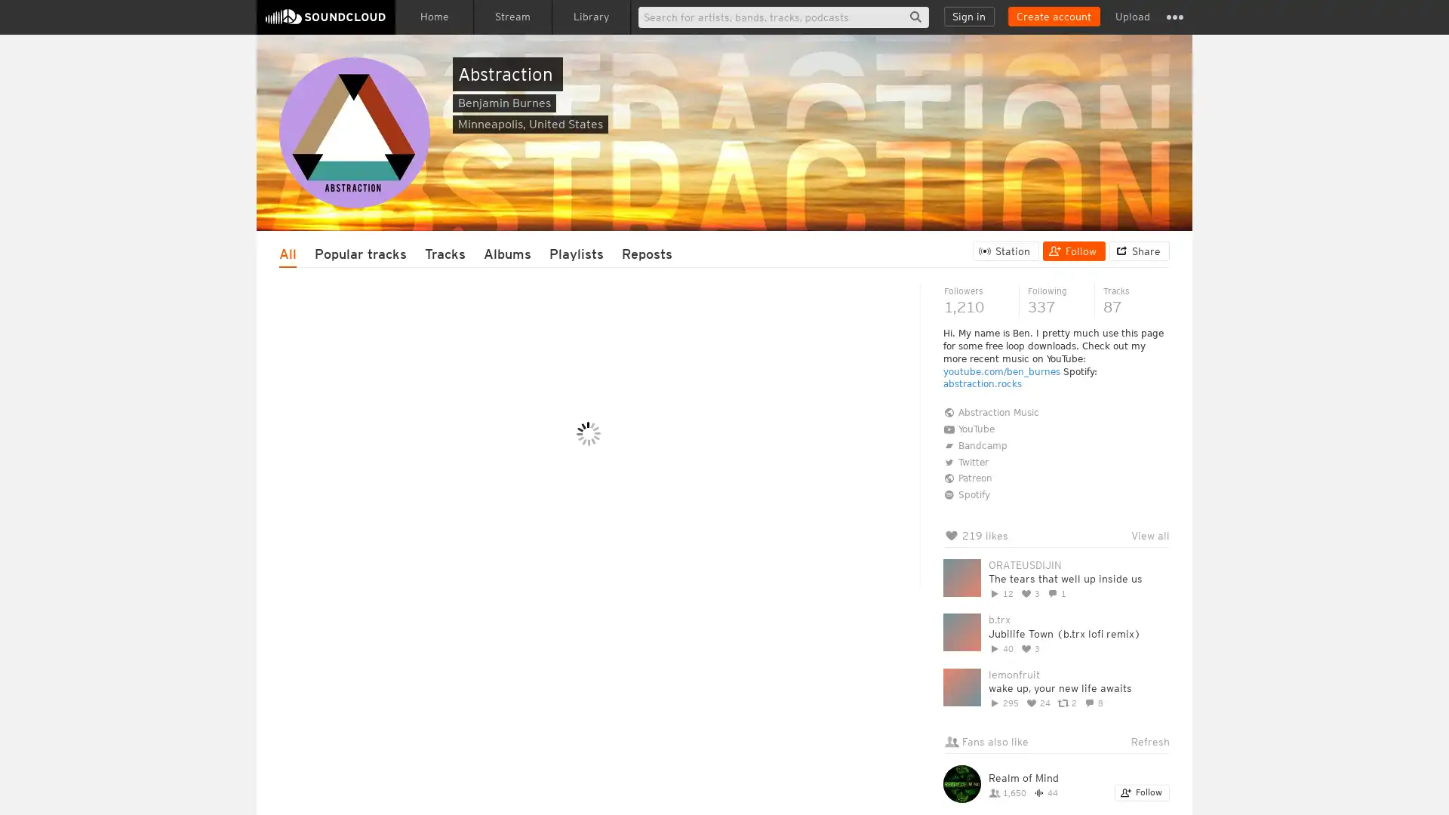  Describe the element at coordinates (969, 17) in the screenshot. I see `Sign in` at that location.